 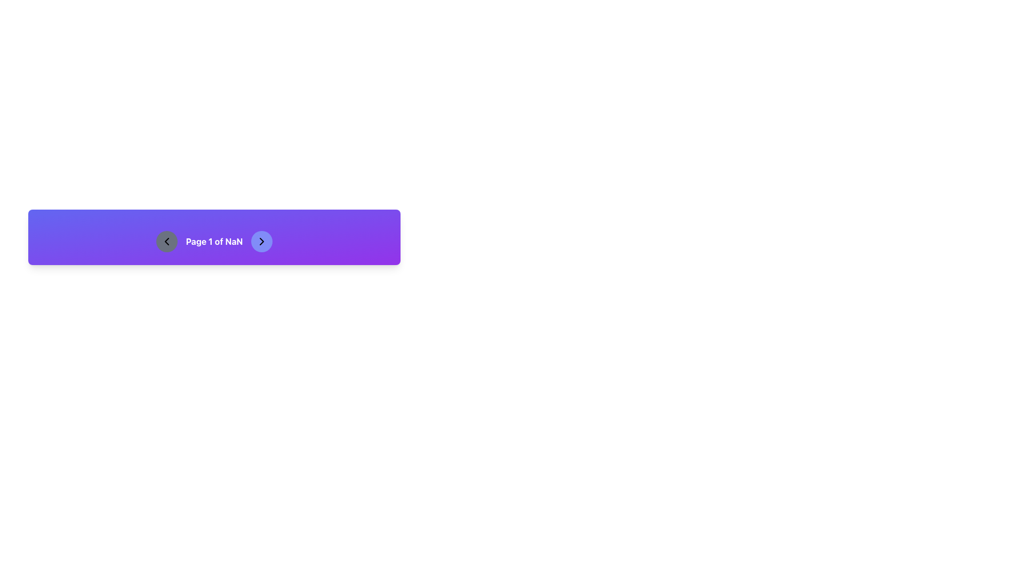 What do you see at coordinates (166, 241) in the screenshot?
I see `the left-pointing chevron icon located on the left side of the navigation bar` at bounding box center [166, 241].